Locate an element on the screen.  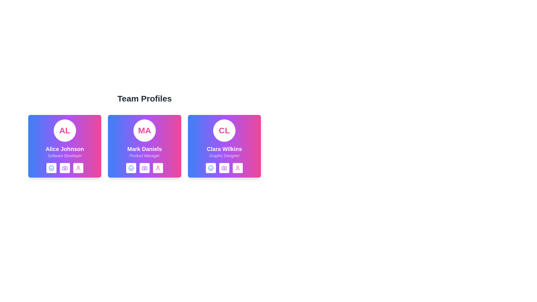
the rectangular button with a white background and purple text featuring a camera icon, located under the profile section for 'Mark Daniels, Product Manager.' is located at coordinates (145, 168).